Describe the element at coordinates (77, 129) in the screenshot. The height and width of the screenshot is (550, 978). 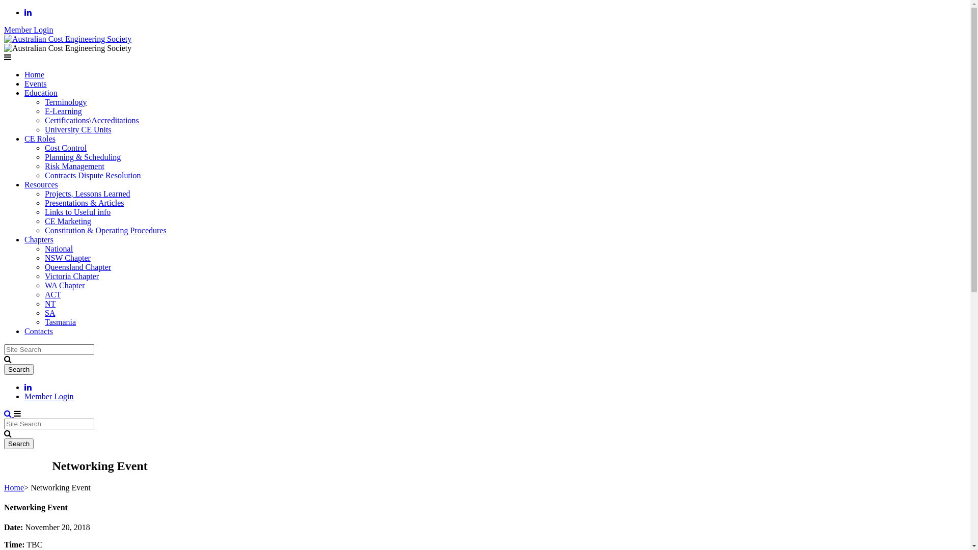
I see `'University CE Units'` at that location.